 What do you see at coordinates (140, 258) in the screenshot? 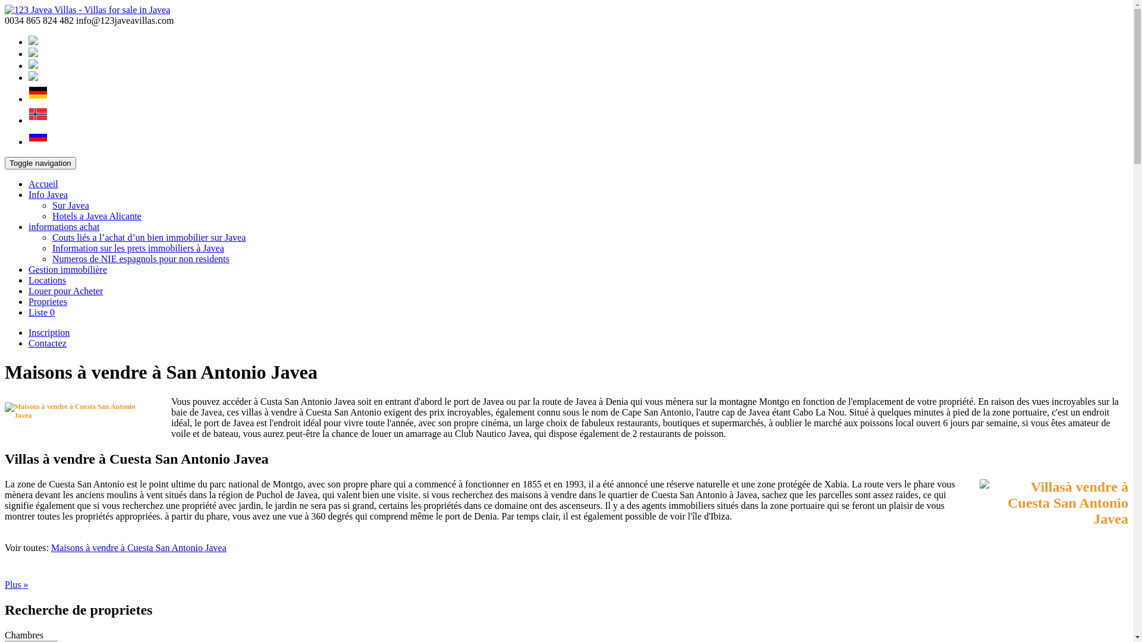
I see `'Numeros de NIE espagnols pour non residents'` at bounding box center [140, 258].